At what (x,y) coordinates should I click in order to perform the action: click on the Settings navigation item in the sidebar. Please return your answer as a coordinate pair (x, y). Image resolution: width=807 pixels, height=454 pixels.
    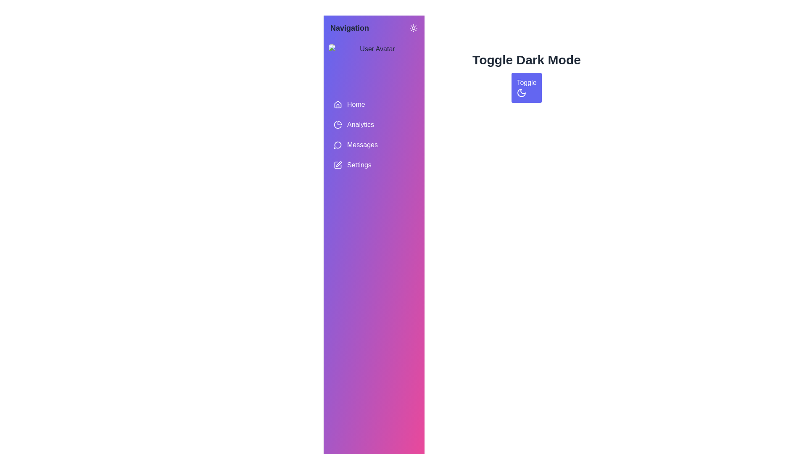
    Looking at the image, I should click on (373, 165).